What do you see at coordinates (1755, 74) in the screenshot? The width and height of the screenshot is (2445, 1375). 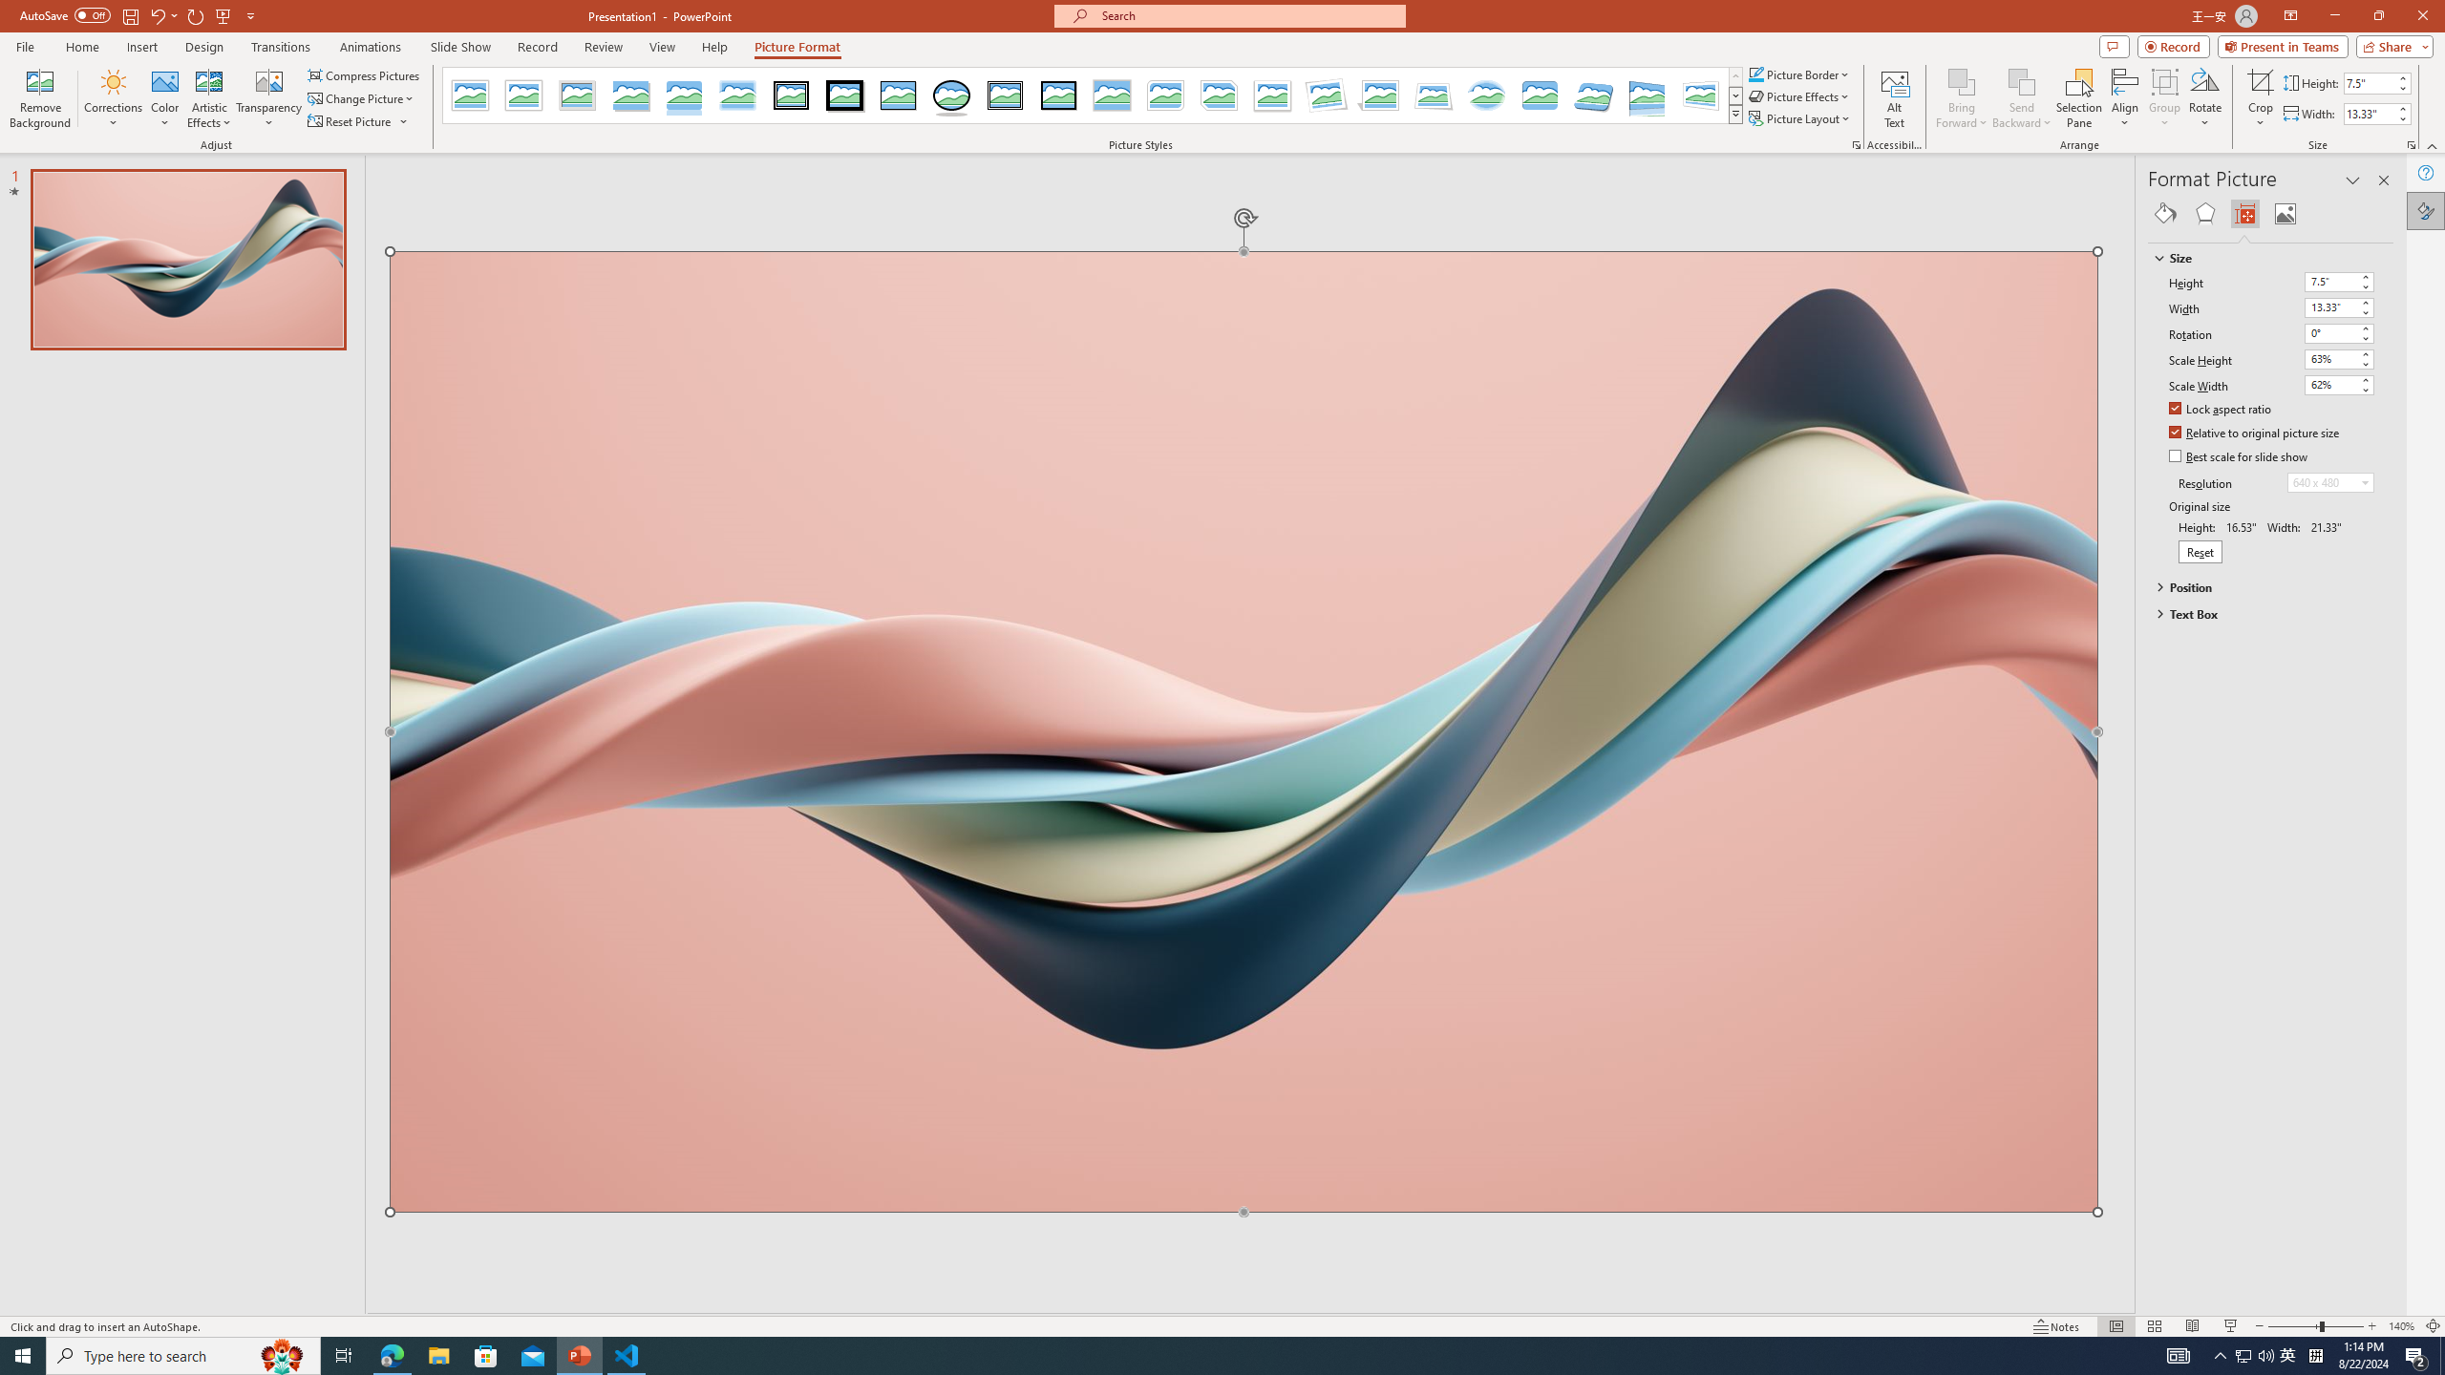 I see `'Picture Border Blue, Accent 1'` at bounding box center [1755, 74].